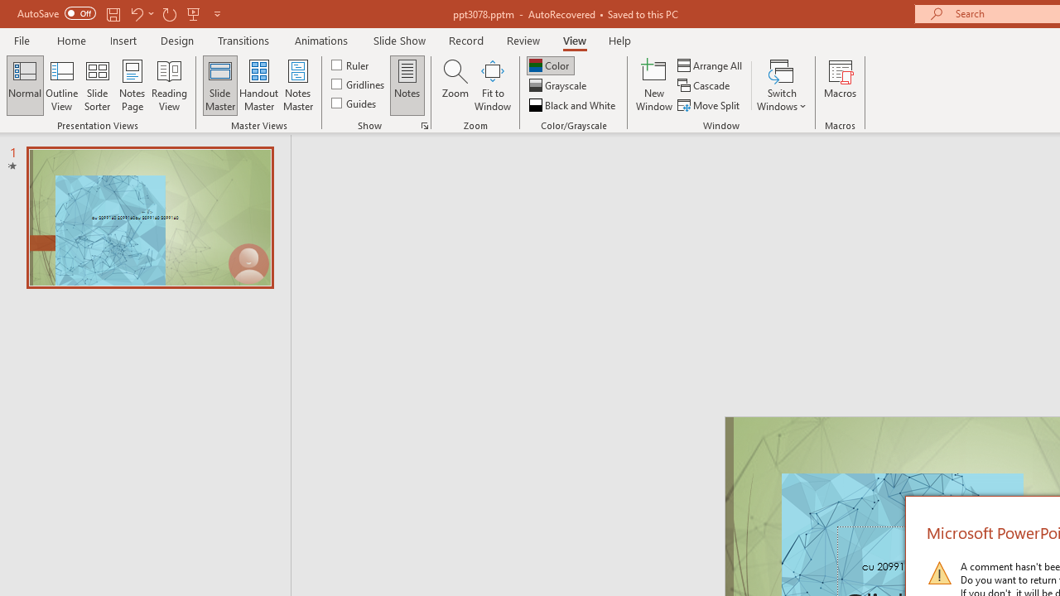 The height and width of the screenshot is (596, 1060). I want to click on 'Save', so click(112, 13).